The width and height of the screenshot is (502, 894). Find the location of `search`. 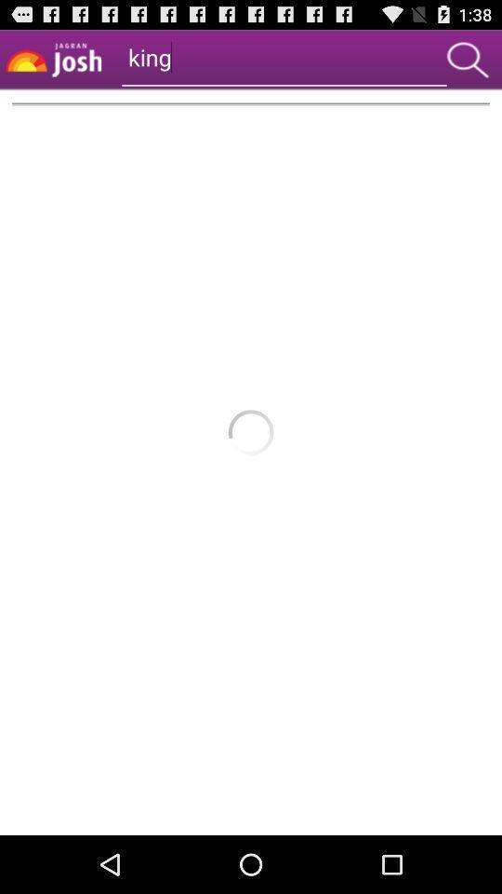

search is located at coordinates (467, 60).